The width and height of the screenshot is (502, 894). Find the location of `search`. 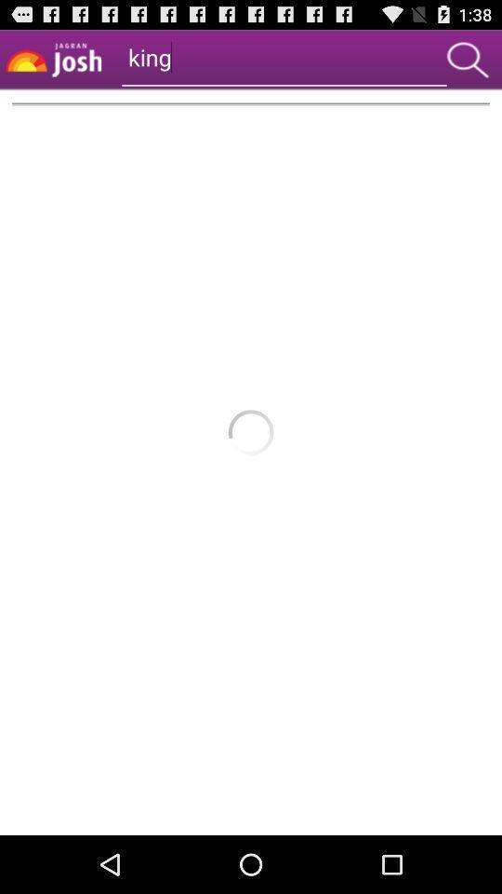

search is located at coordinates (467, 60).